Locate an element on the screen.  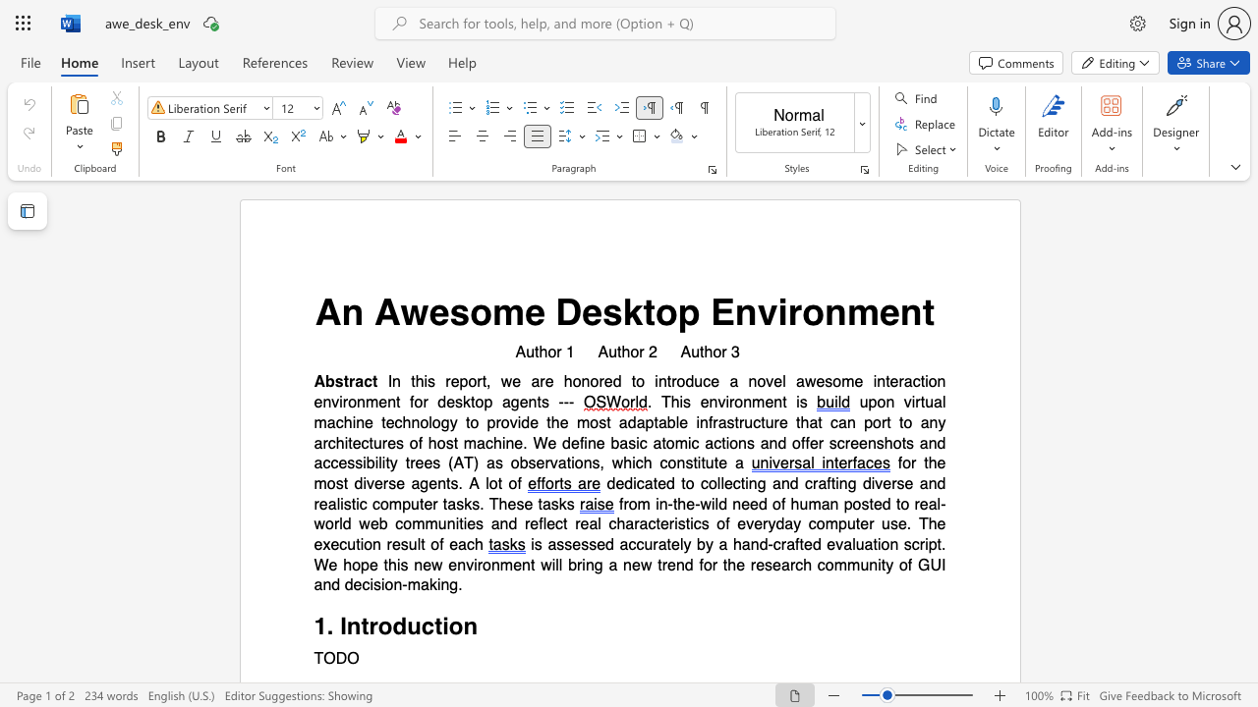
the 1th character "e" in the text is located at coordinates (426, 565).